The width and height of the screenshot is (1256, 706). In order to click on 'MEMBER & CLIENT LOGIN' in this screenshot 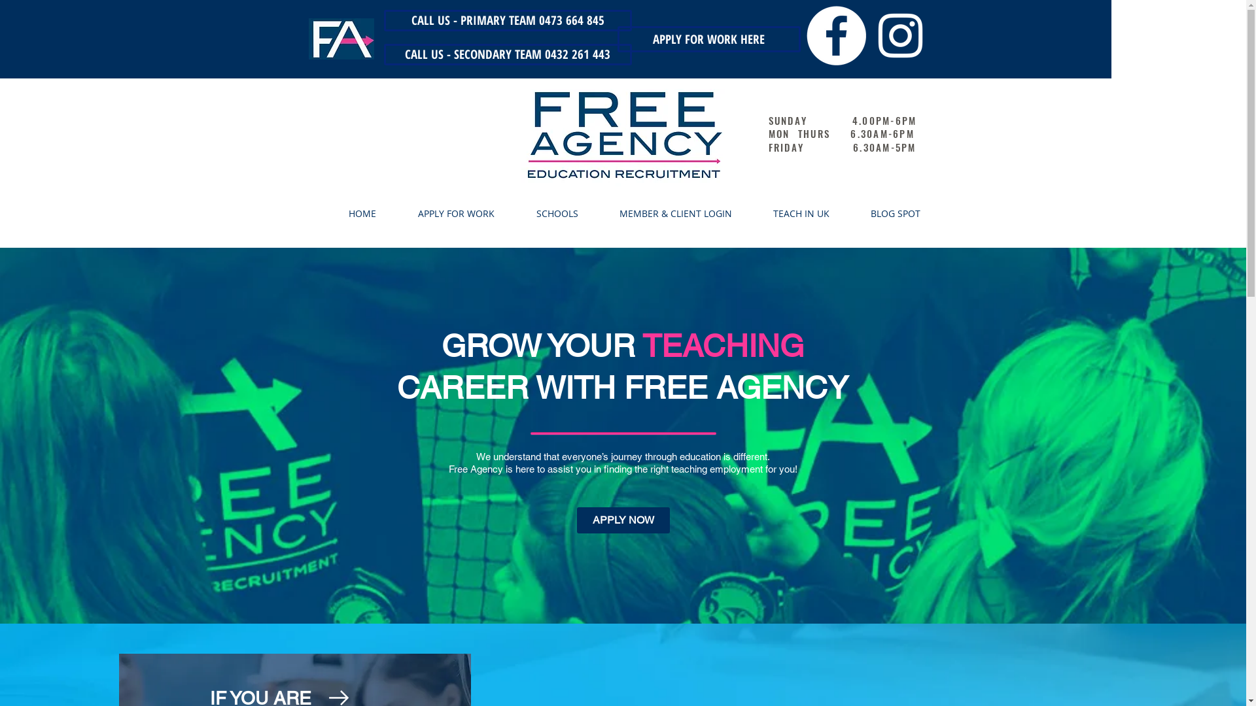, I will do `click(664, 212)`.